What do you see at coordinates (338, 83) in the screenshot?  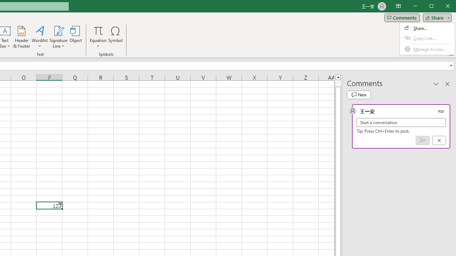 I see `'Page up'` at bounding box center [338, 83].